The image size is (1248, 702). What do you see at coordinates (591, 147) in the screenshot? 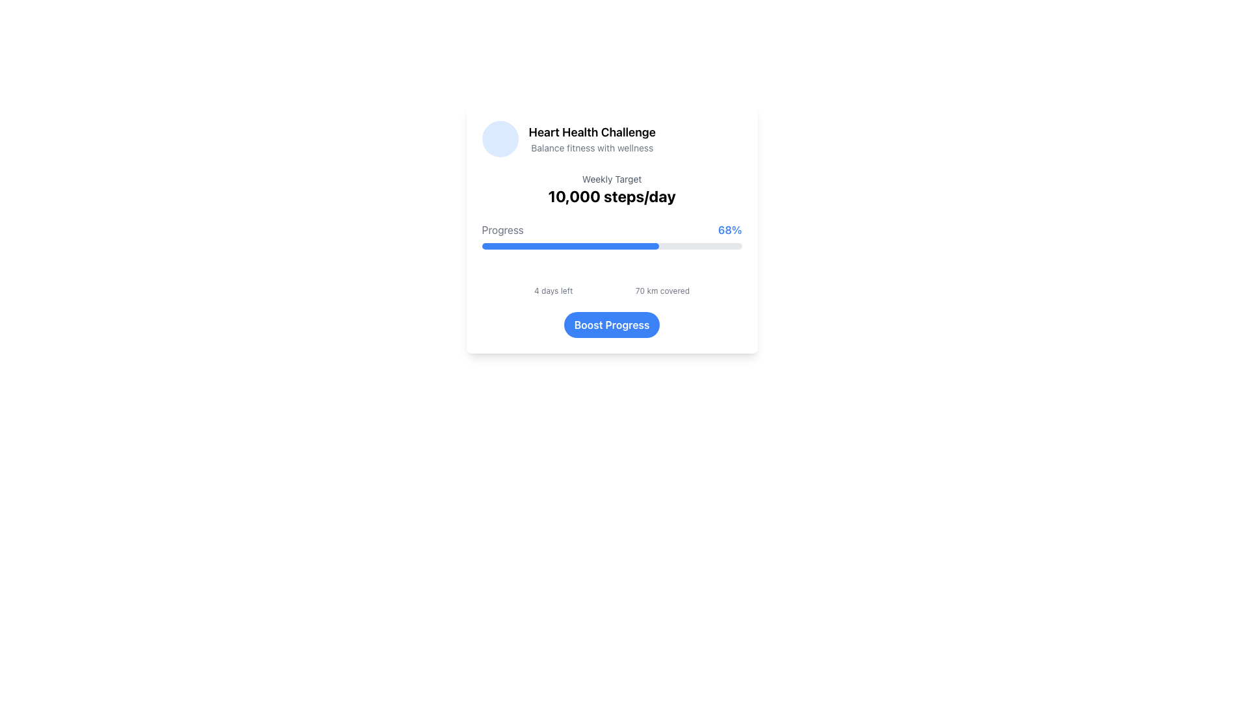
I see `the subtitle text 'Balance fitness with wellness', which is presented in a small, gray font and located directly beneath the title 'Heart Health Challenge'` at bounding box center [591, 147].